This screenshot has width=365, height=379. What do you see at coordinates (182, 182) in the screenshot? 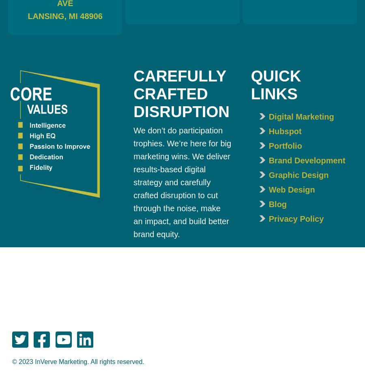
I see `'We don’t do participation trophies. We’re here for big marketing wins. We deliver results-based digital strategy and carefully crafted disruption to cut through the noise, make an impact, and build better brand equity.'` at bounding box center [182, 182].